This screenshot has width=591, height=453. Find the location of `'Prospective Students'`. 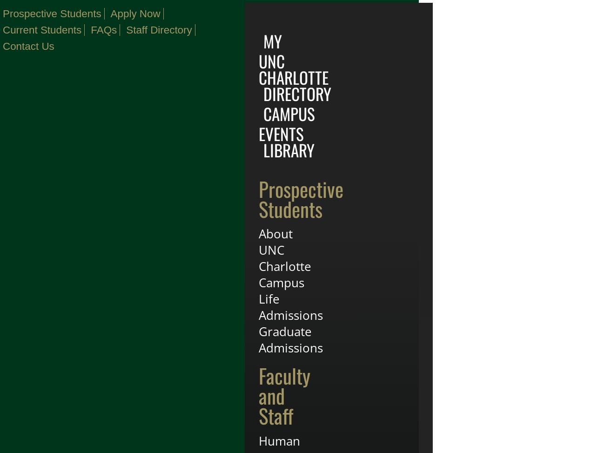

'Prospective Students' is located at coordinates (300, 198).